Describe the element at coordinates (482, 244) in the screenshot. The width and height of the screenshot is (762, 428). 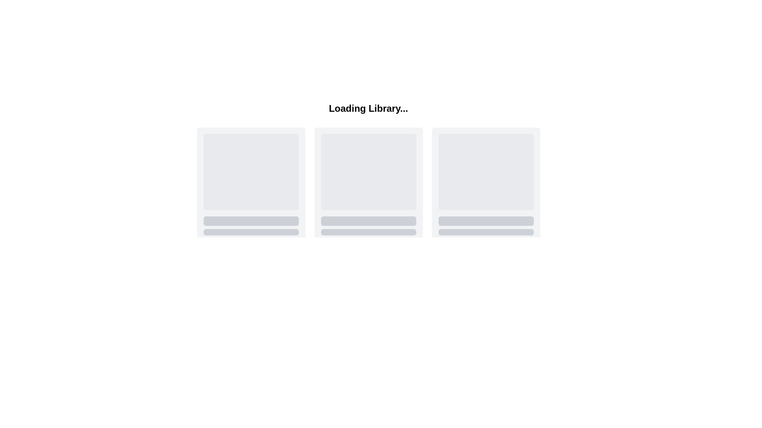
I see `the second visual display block with a gray background and rounded corners, positioned to the right of its sibling in the bottom-right area of the display` at that location.